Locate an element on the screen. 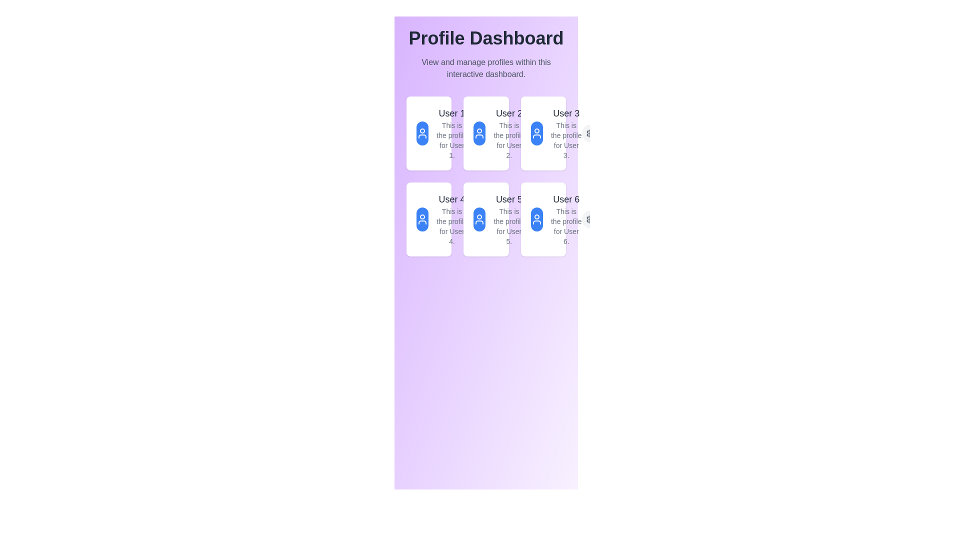 The height and width of the screenshot is (540, 960). the profile icon representing 'User 3' in the third card from the left in the top row of the grid layout is located at coordinates (542, 132).